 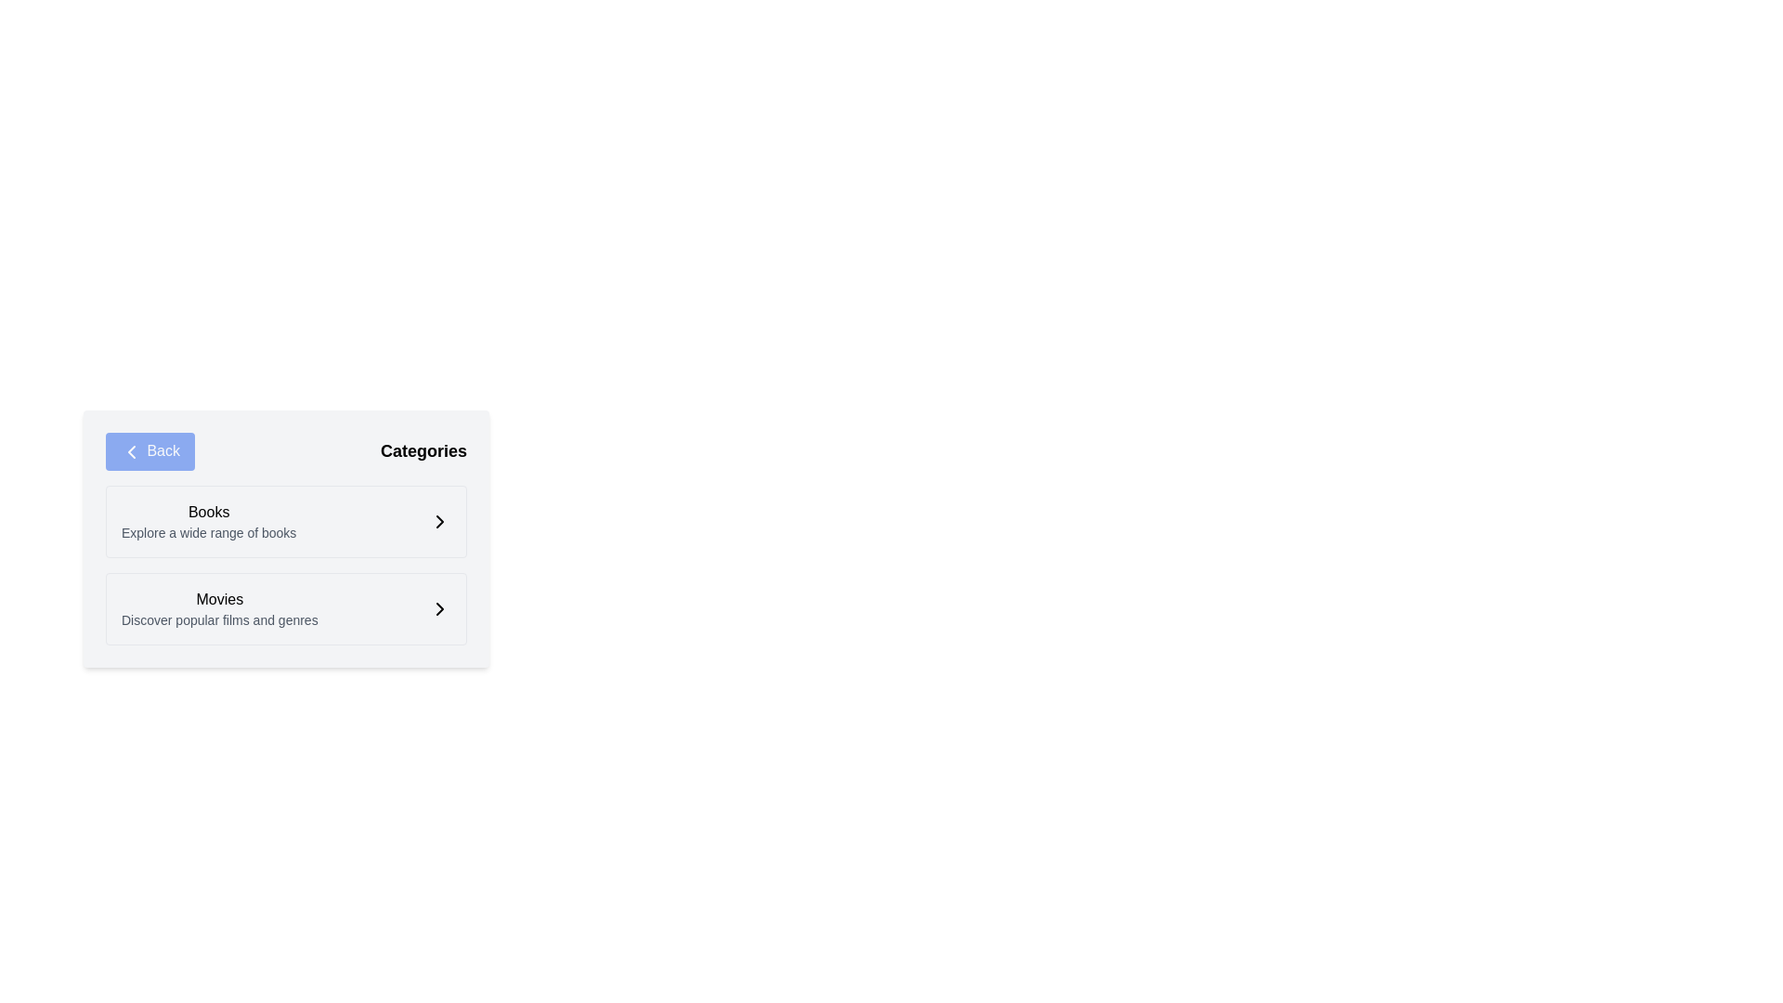 I want to click on the text element reading 'Explore a wide range of books', which is styled with a small font and light gray color, positioned beneath the title 'Books' in the 'Categories' section, so click(x=209, y=532).